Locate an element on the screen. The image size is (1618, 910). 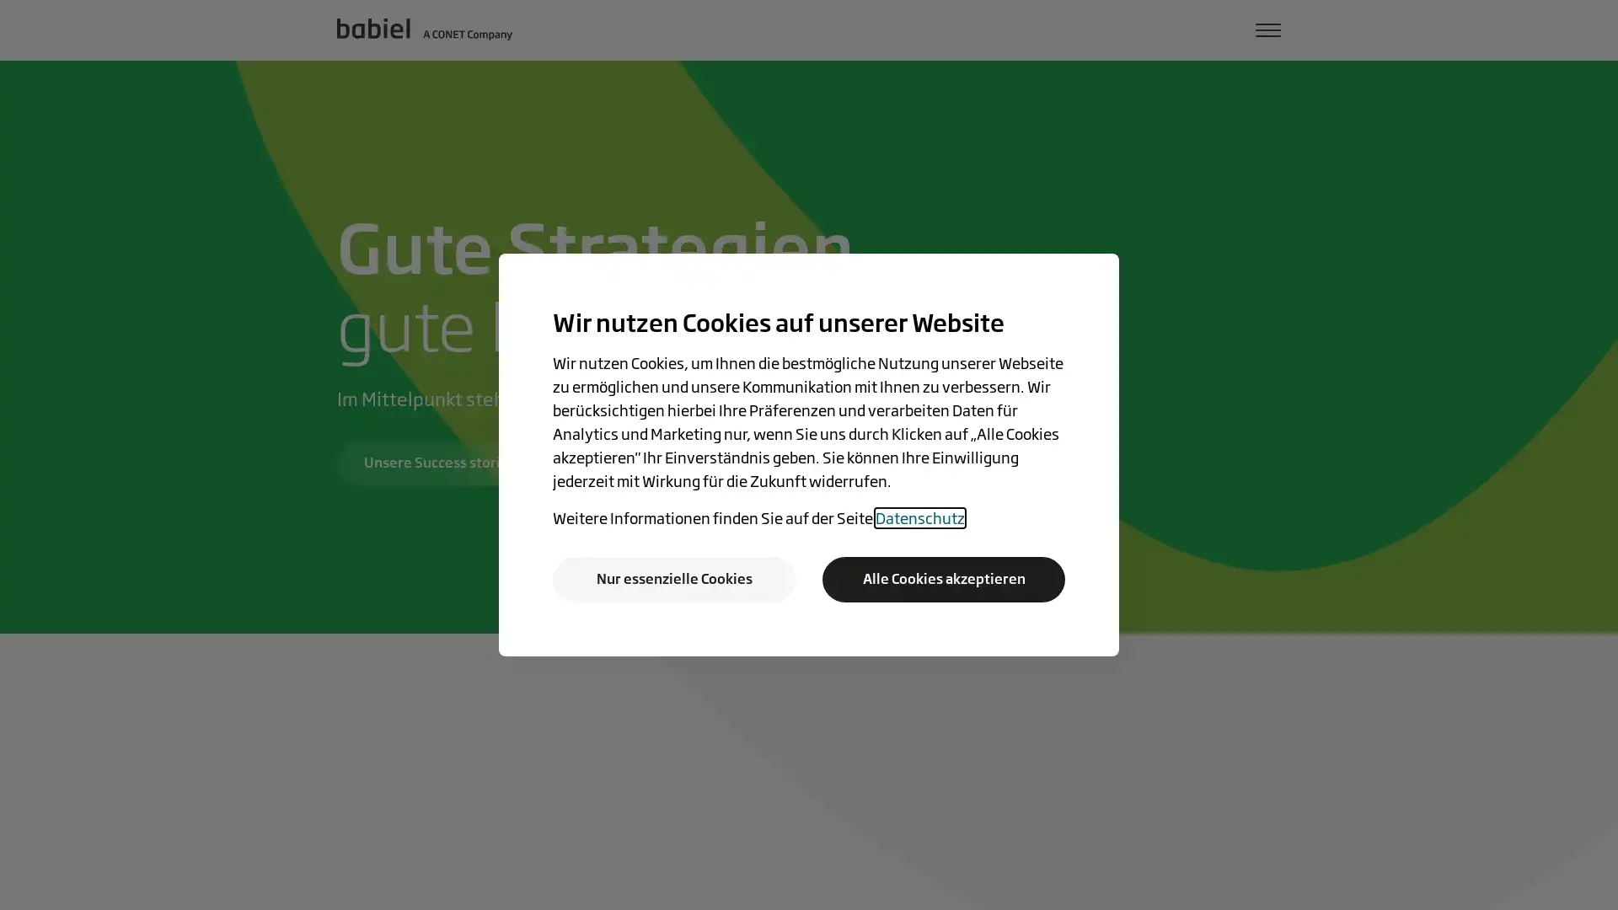
Nur essenzielle Cookies is located at coordinates (674, 578).